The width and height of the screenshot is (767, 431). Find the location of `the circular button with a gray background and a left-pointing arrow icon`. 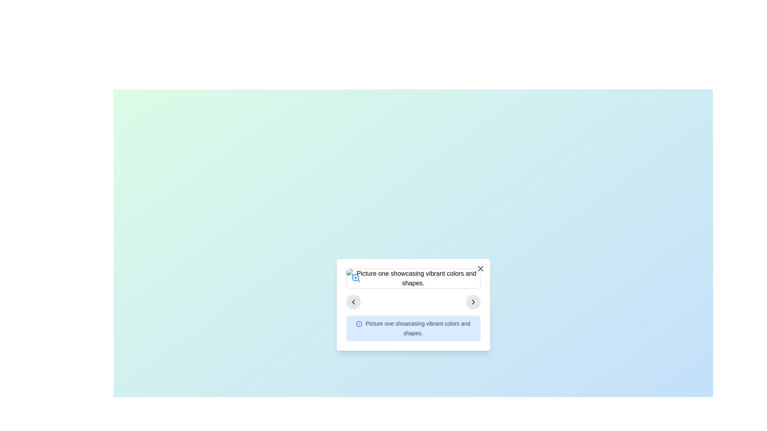

the circular button with a gray background and a left-pointing arrow icon is located at coordinates (353, 302).